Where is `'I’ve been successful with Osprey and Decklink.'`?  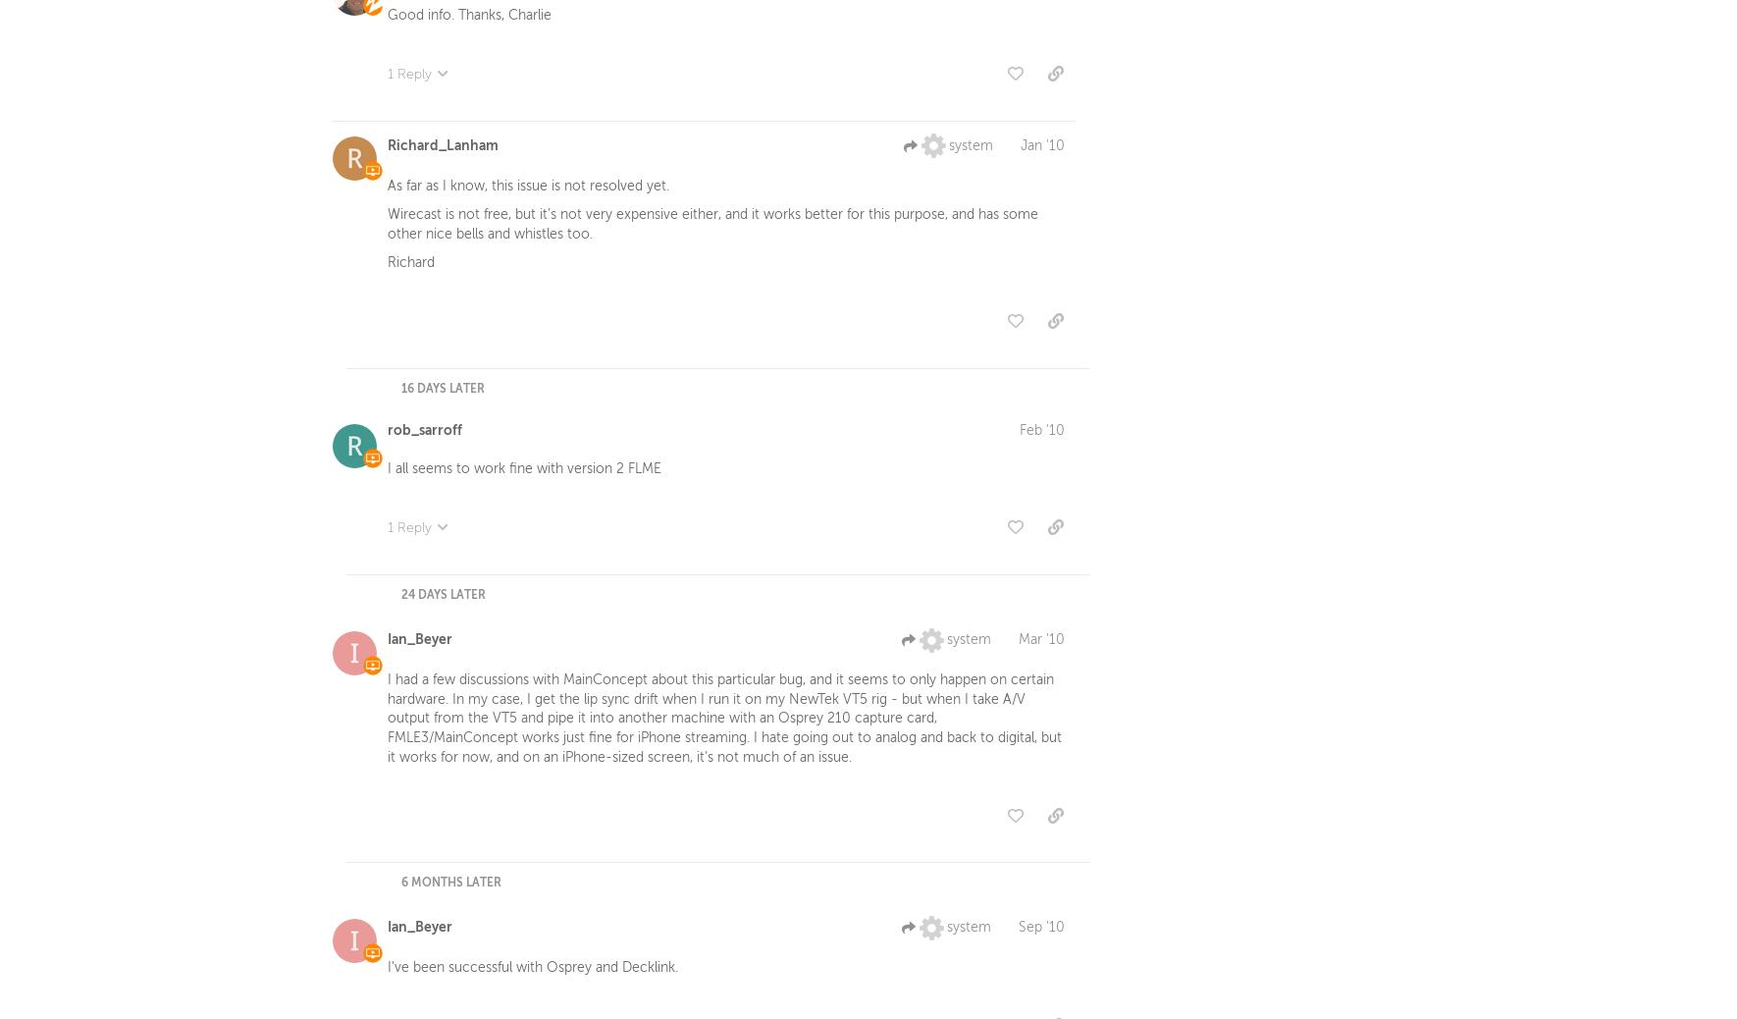 'I’ve been successful with Osprey and Decklink.' is located at coordinates (533, 972).